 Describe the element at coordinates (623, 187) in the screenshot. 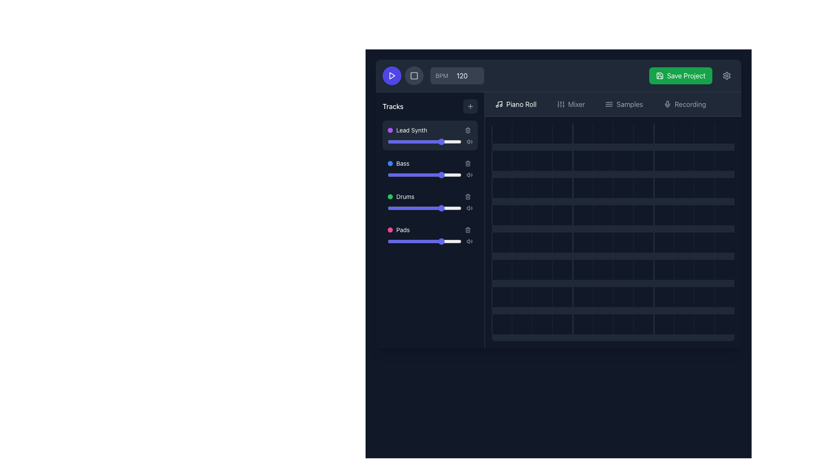

I see `the interactive grid cell located at the seventh column and third row, which has a dark gray background that changes shade on hover` at that location.